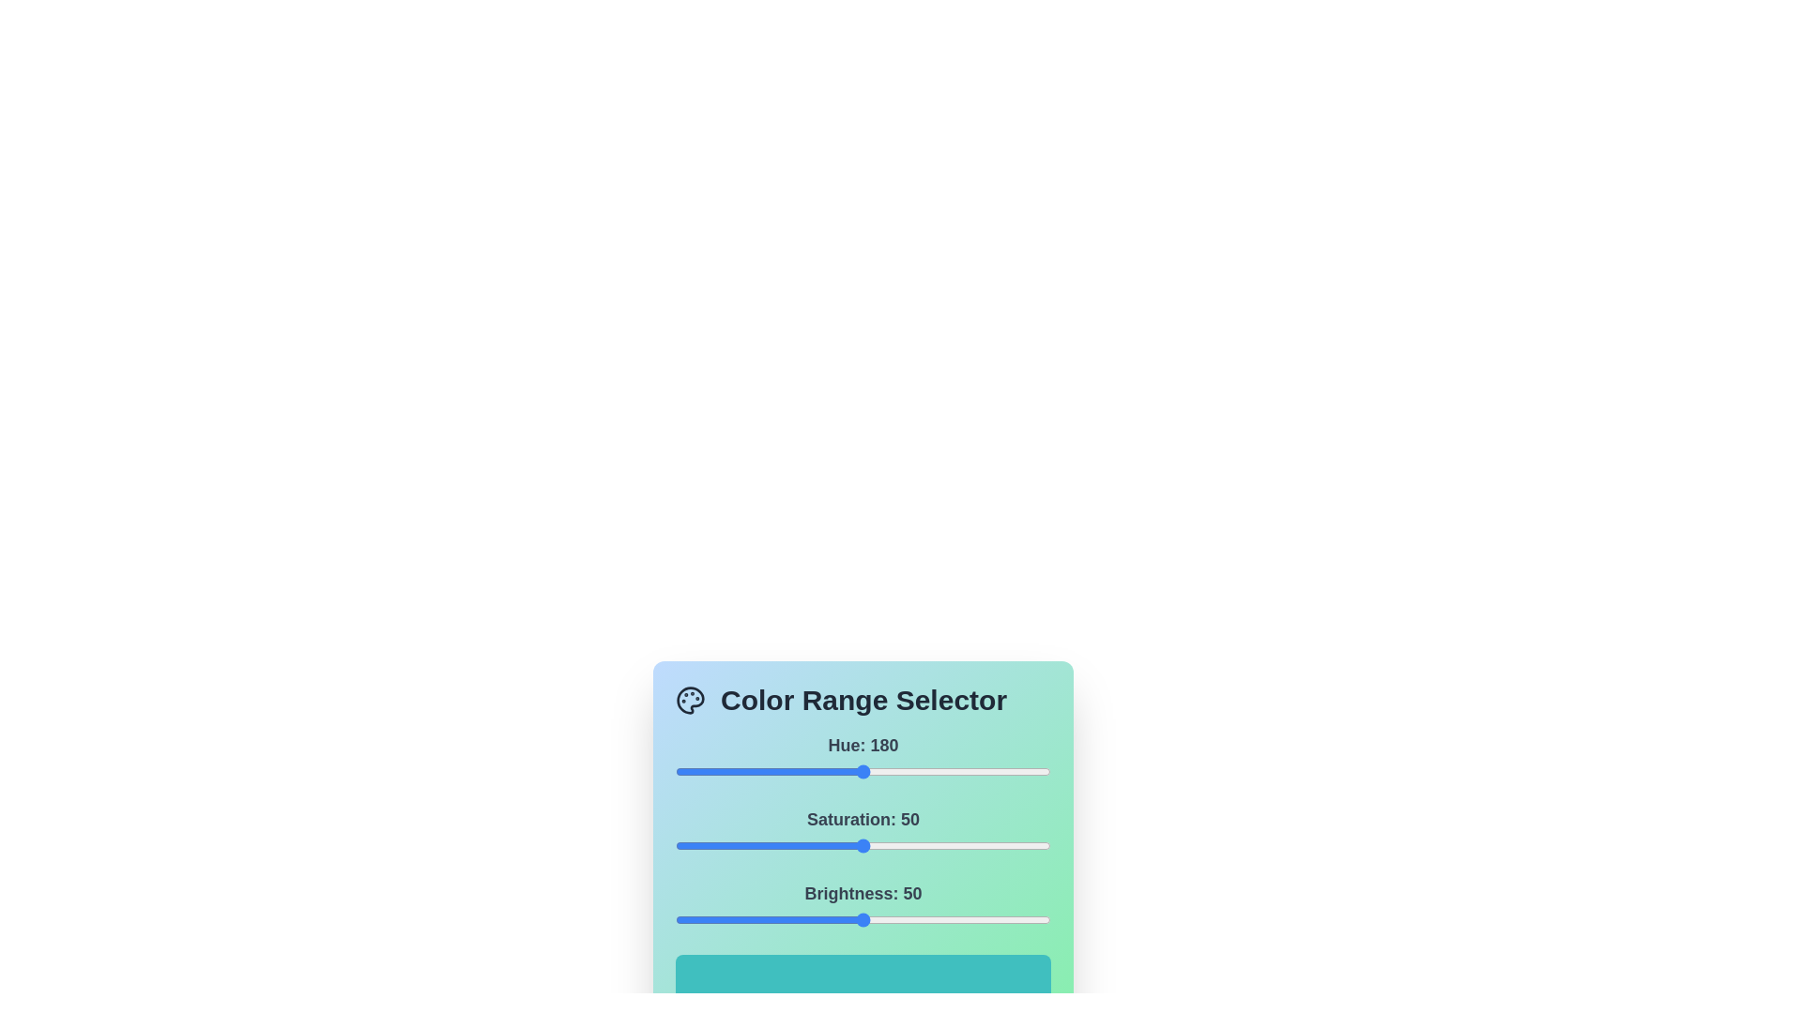  What do you see at coordinates (879, 771) in the screenshot?
I see `the hue slider to set the hue value to 197` at bounding box center [879, 771].